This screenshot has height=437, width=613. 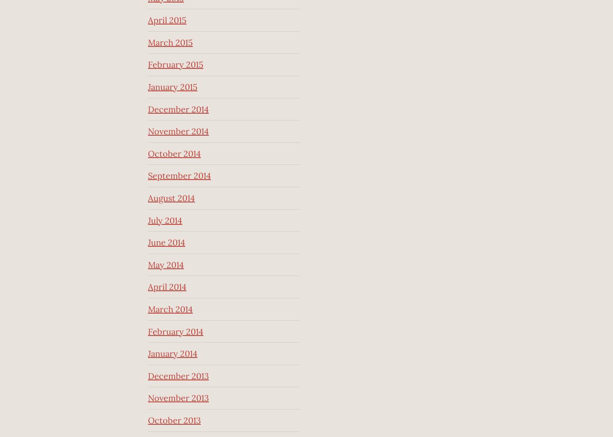 I want to click on 'November 2014', so click(x=178, y=131).